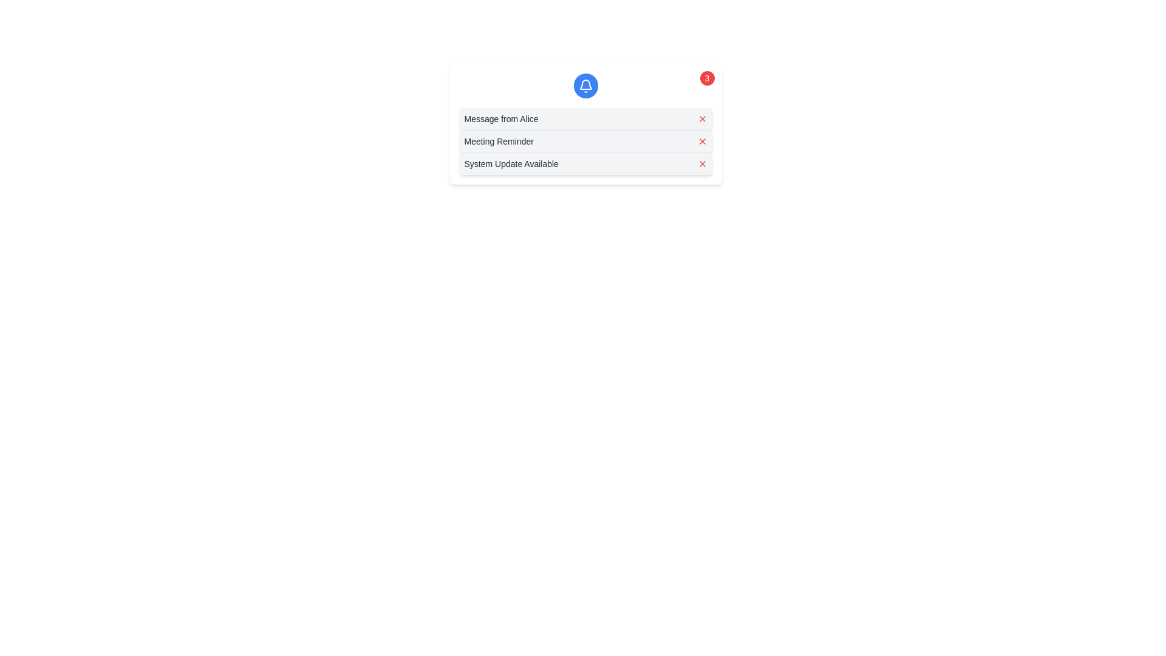 The width and height of the screenshot is (1166, 656). Describe the element at coordinates (585, 85) in the screenshot. I see `the bell icon, which is centered within a blue circular background and located near the top-middle of the notification card` at that location.